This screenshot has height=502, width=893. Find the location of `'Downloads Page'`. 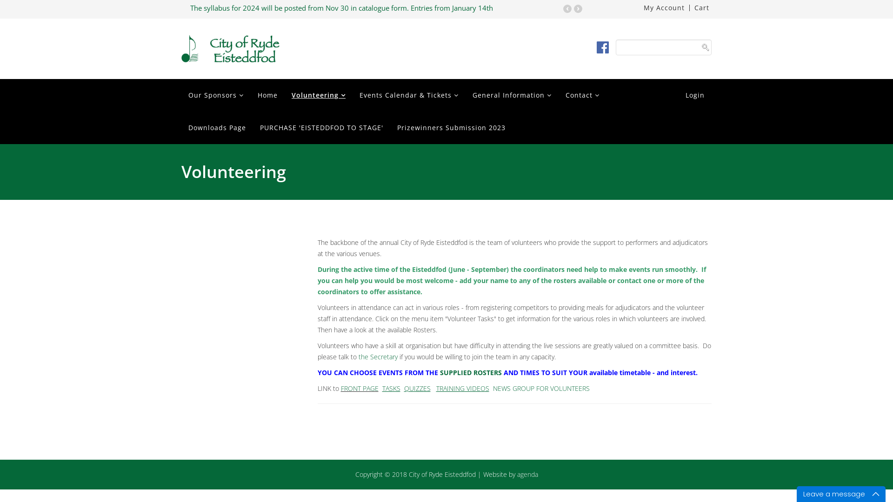

'Downloads Page' is located at coordinates (216, 127).